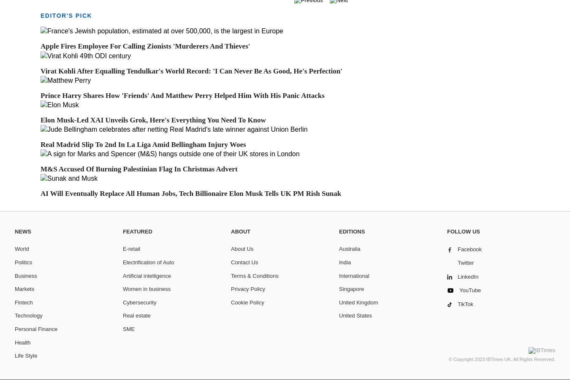 The height and width of the screenshot is (380, 570). What do you see at coordinates (255, 275) in the screenshot?
I see `'Terms & Conditions'` at bounding box center [255, 275].